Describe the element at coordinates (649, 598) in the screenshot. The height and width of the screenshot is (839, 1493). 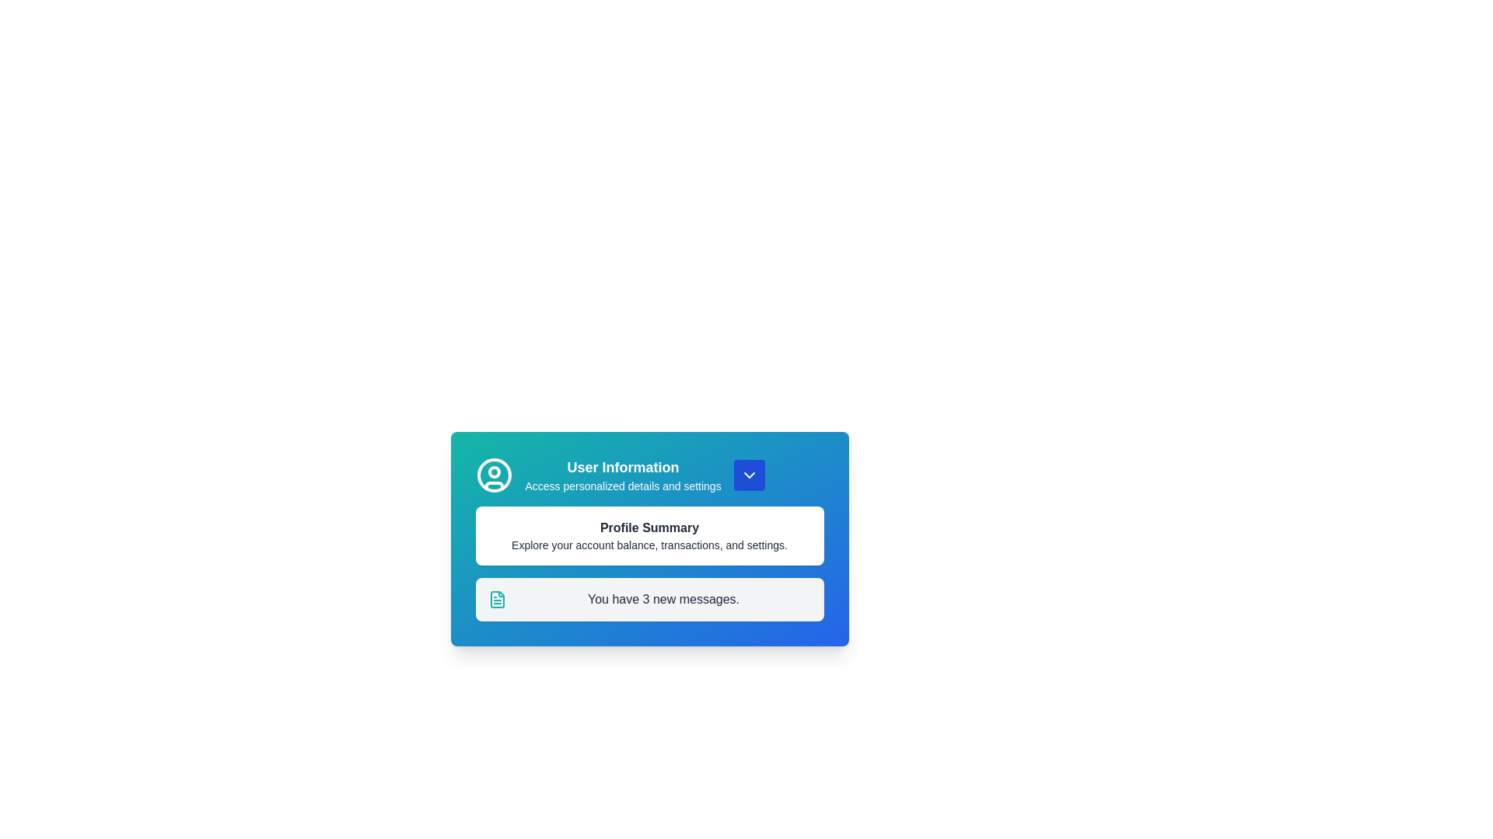
I see `the Notification box indicating three new messages, which is located beneath 'Profile Summary' and above other sections` at that location.